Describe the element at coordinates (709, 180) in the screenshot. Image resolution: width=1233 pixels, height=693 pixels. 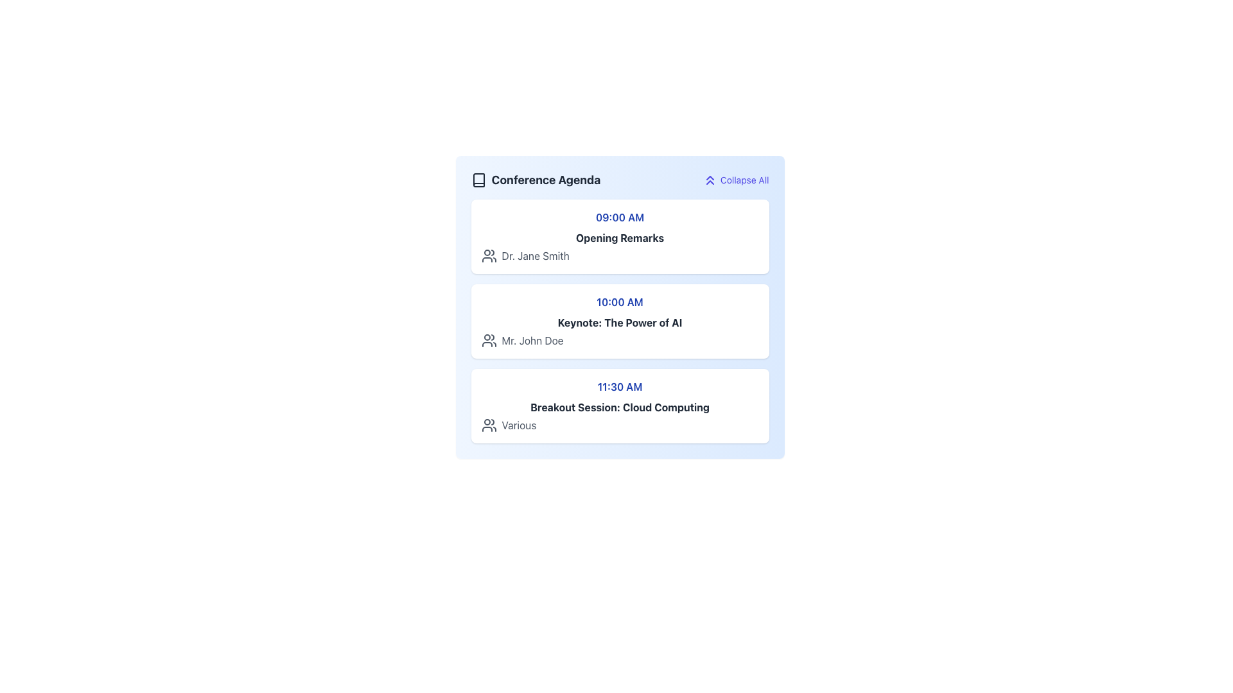
I see `the small blue double-chevron icon representing the 'Collapse All' button located in the top-right corner of the conference agenda card` at that location.